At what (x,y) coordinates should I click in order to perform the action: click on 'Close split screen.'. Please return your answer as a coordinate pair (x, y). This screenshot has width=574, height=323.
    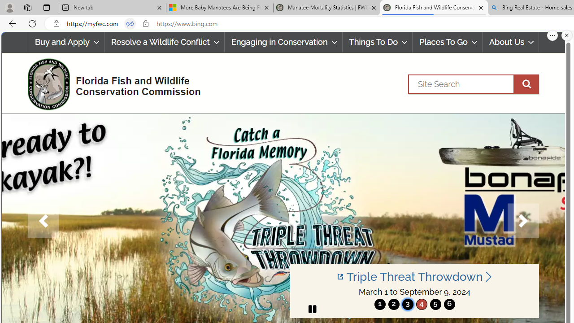
    Looking at the image, I should click on (566, 35).